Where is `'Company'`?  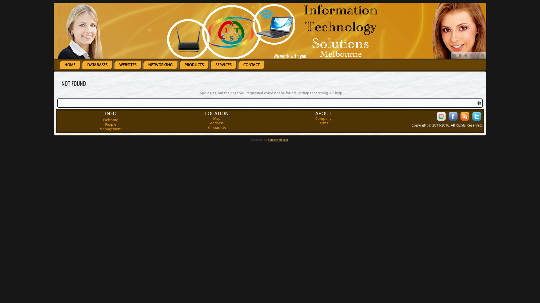 'Company' is located at coordinates (323, 118).